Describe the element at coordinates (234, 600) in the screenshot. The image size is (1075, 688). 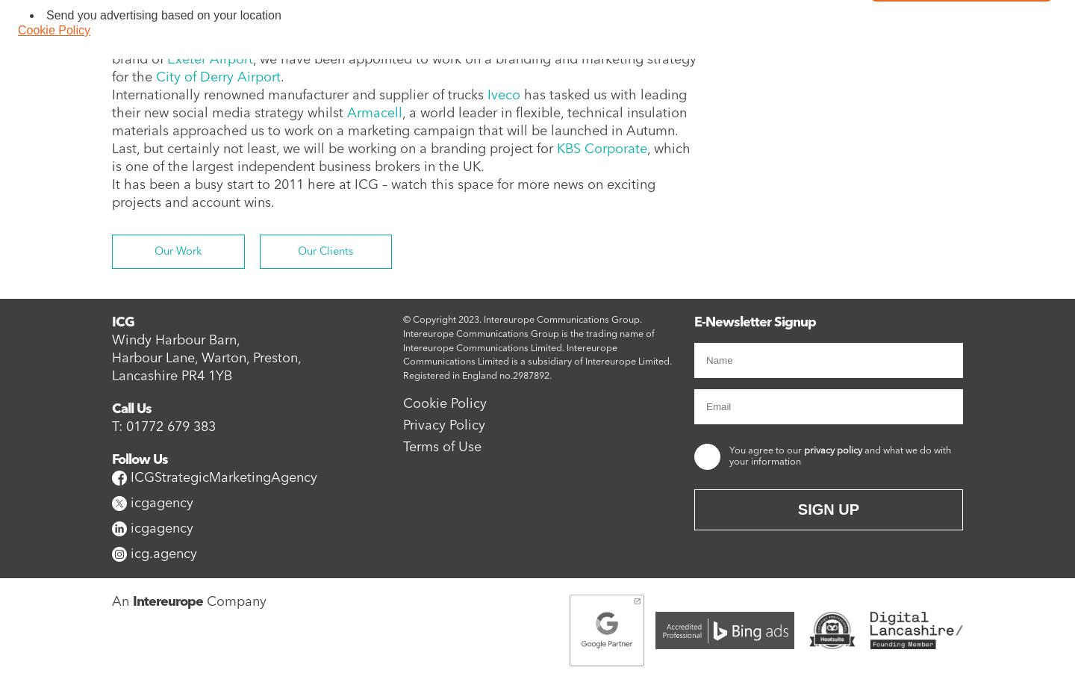
I see `'Company'` at that location.